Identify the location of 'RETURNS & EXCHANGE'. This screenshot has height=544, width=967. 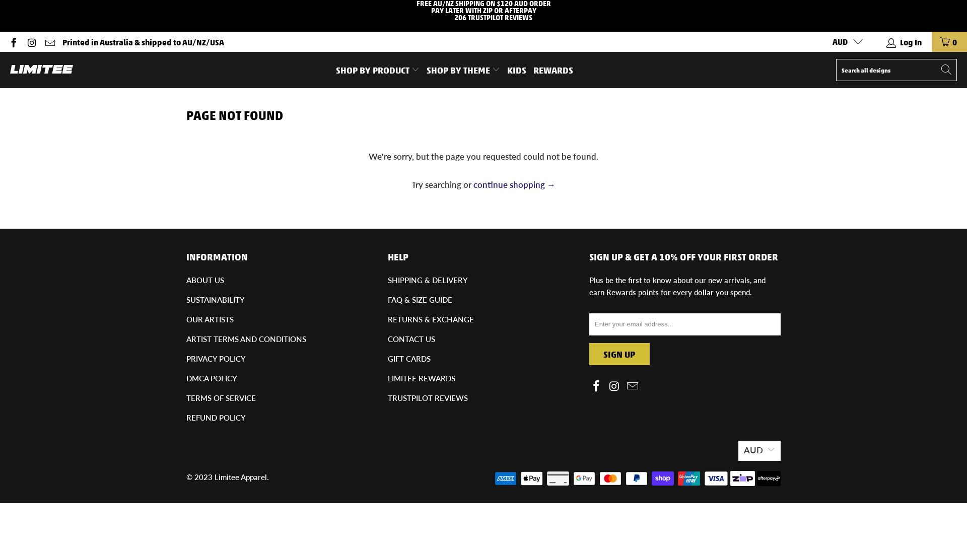
(387, 319).